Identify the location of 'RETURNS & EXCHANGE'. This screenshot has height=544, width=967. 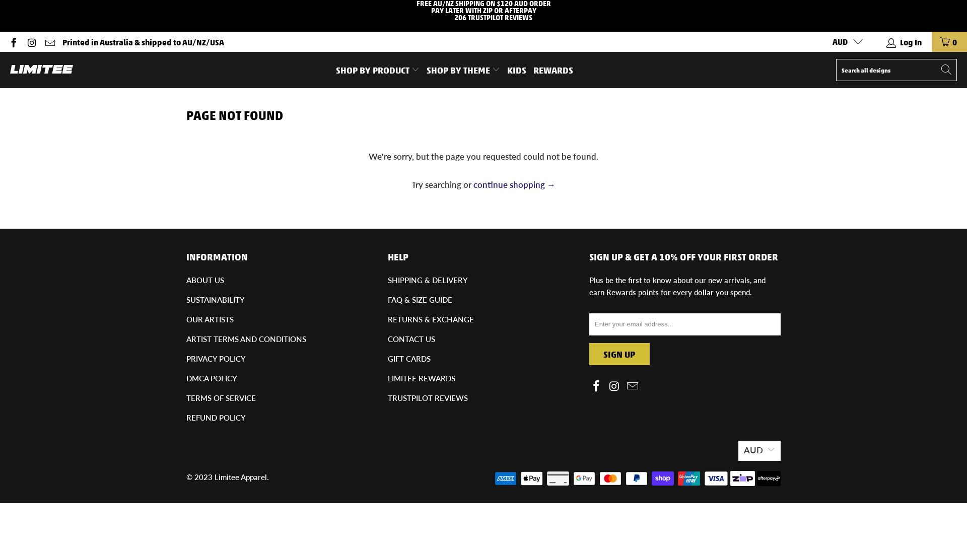
(387, 319).